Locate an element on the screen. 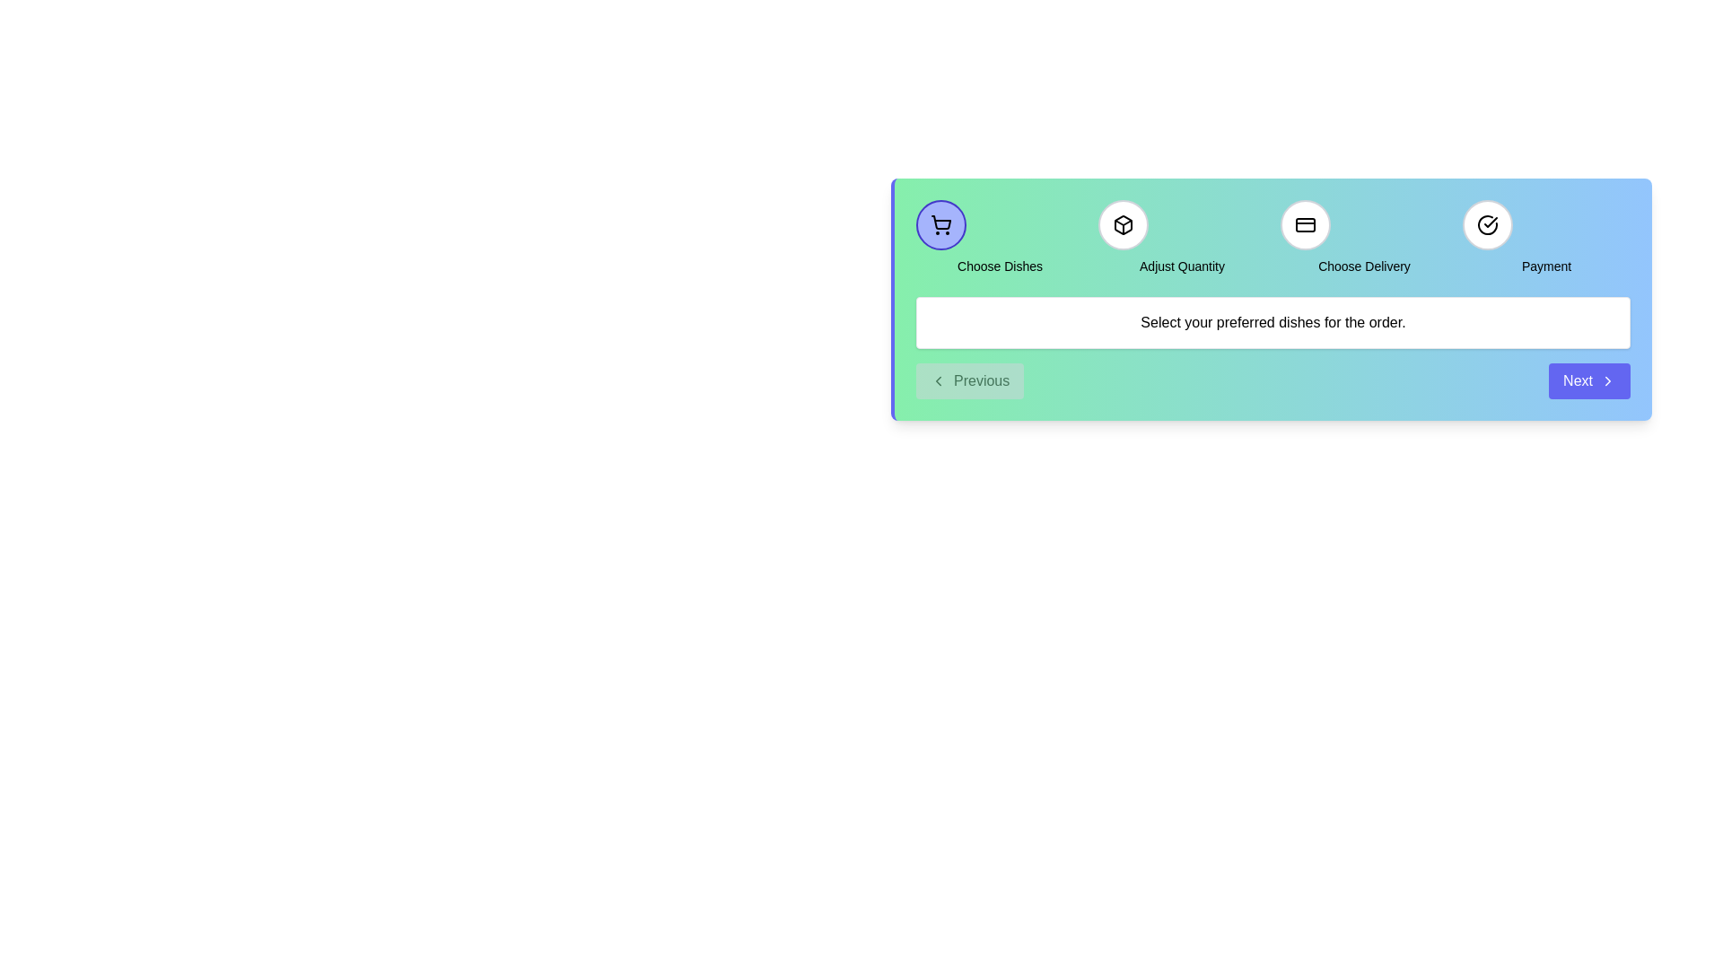 This screenshot has width=1723, height=969. the right-facing chevron icon that is located to the right of the 'Next' button text within a modal interface is located at coordinates (1607, 380).